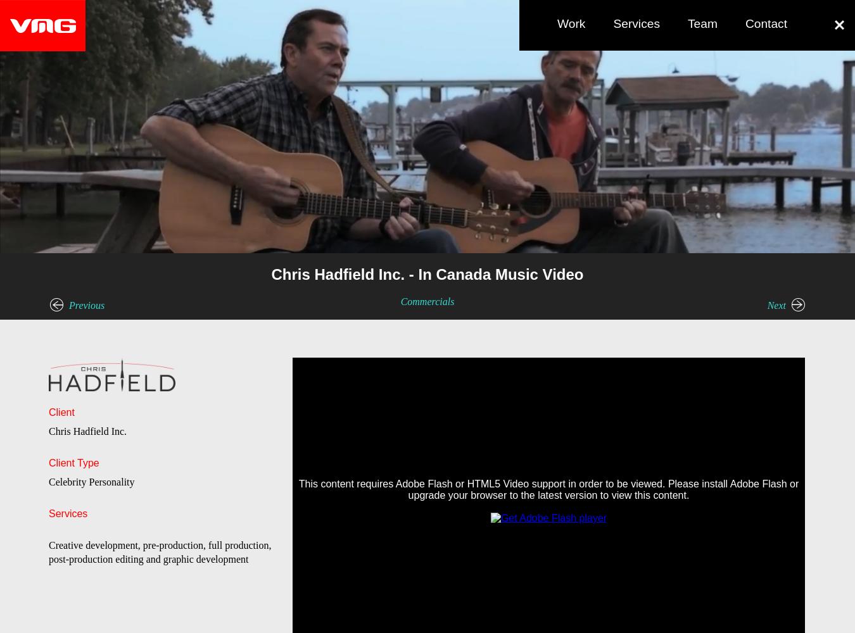  Describe the element at coordinates (427, 274) in the screenshot. I see `'Chris Hadfield Inc. - In Canada Music Video'` at that location.